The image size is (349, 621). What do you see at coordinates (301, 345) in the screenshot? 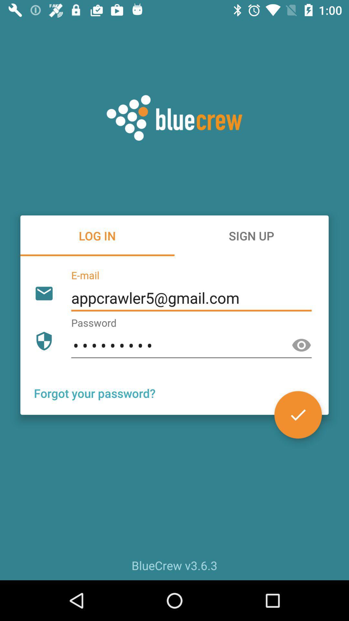
I see `see password botton` at bounding box center [301, 345].